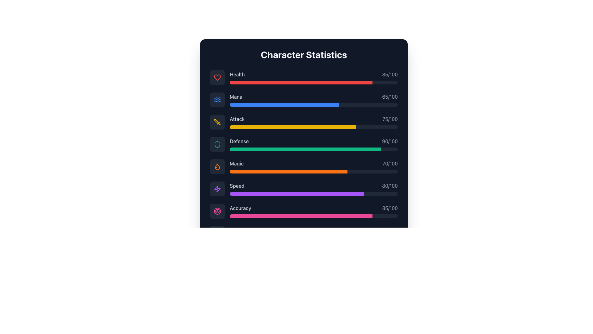 Image resolution: width=593 pixels, height=334 pixels. I want to click on the concentric circle icon with pink rings located at the rightmost part of the 'Accuracy' stat row in the character statistics, so click(217, 211).